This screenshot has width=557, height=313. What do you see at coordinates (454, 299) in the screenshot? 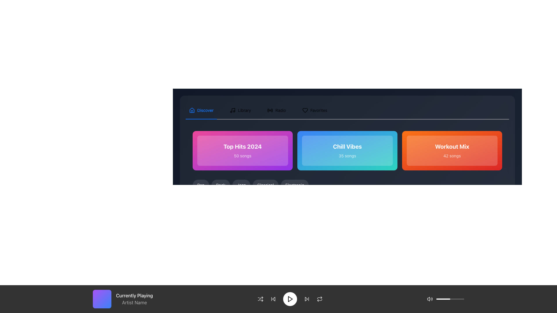
I see `the slider position` at bounding box center [454, 299].